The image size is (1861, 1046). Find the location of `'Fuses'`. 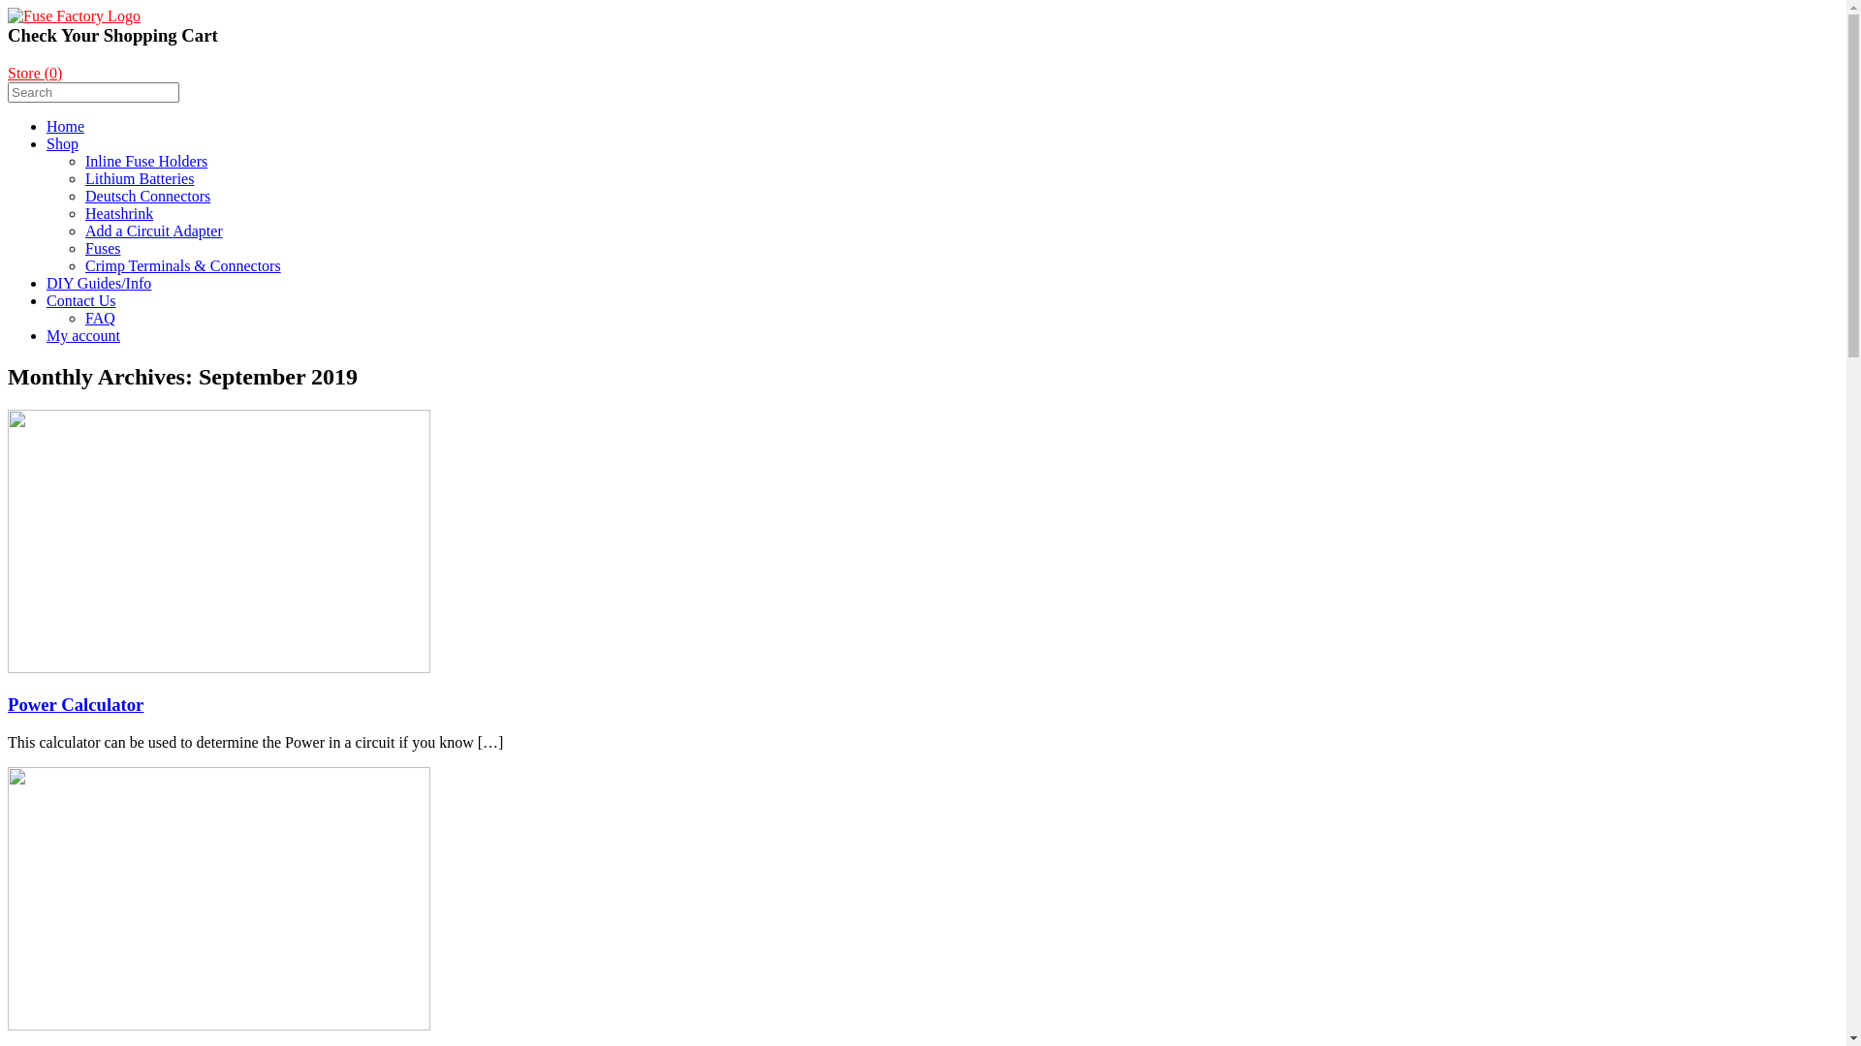

'Fuses' is located at coordinates (83, 247).